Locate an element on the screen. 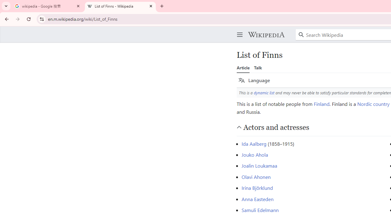 This screenshot has height=219, width=391. 'Olavi Ahonen' is located at coordinates (256, 177).